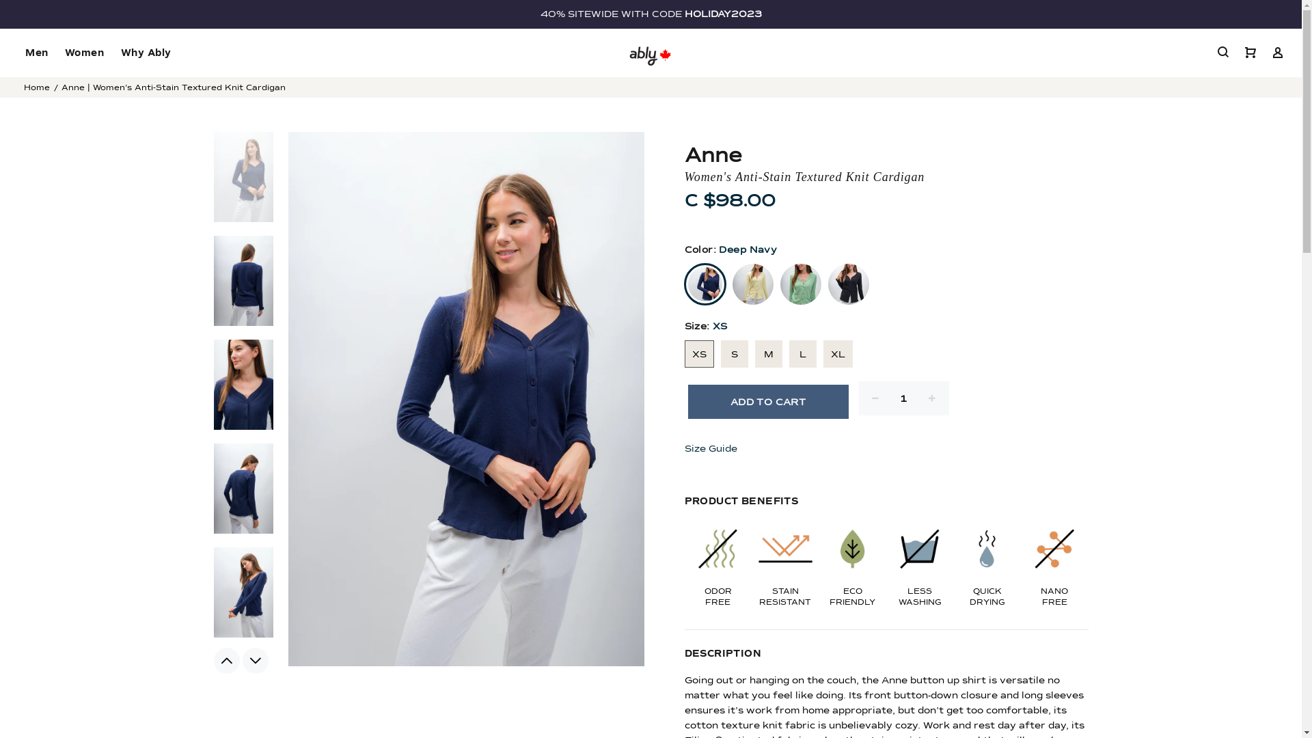 The width and height of the screenshot is (1312, 738). I want to click on 'Next', so click(255, 660).